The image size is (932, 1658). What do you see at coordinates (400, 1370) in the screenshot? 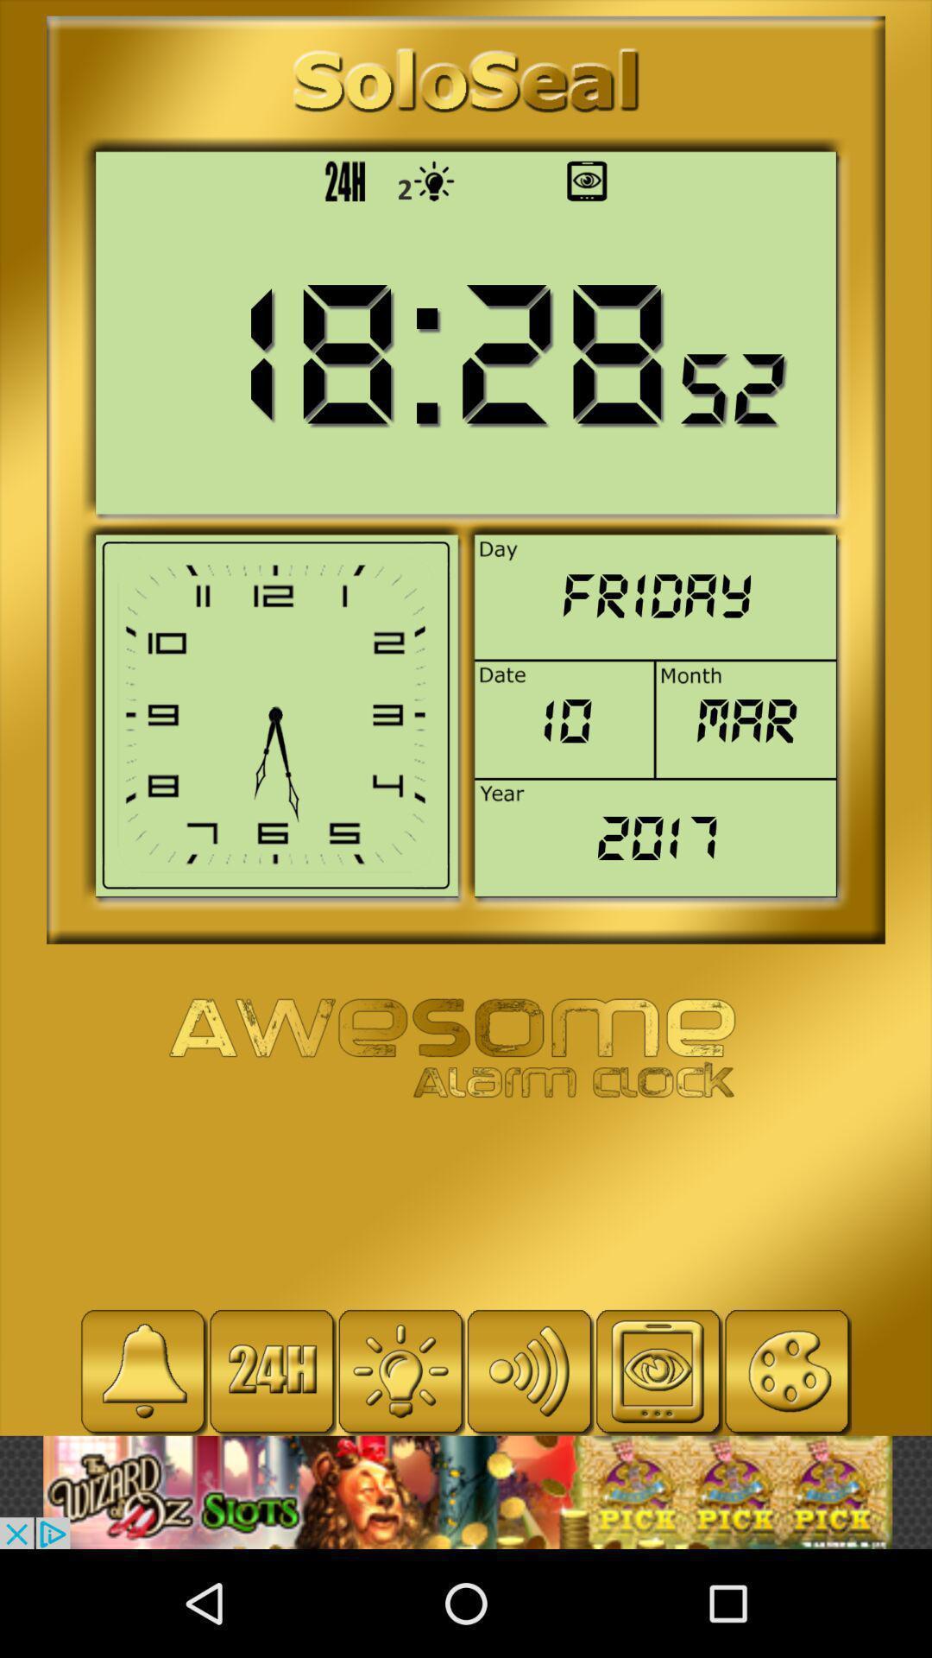
I see `a select option` at bounding box center [400, 1370].